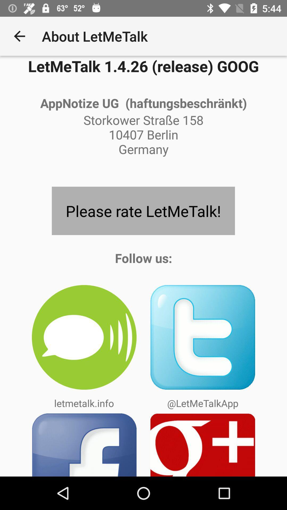  What do you see at coordinates (84, 445) in the screenshot?
I see `facebook` at bounding box center [84, 445].